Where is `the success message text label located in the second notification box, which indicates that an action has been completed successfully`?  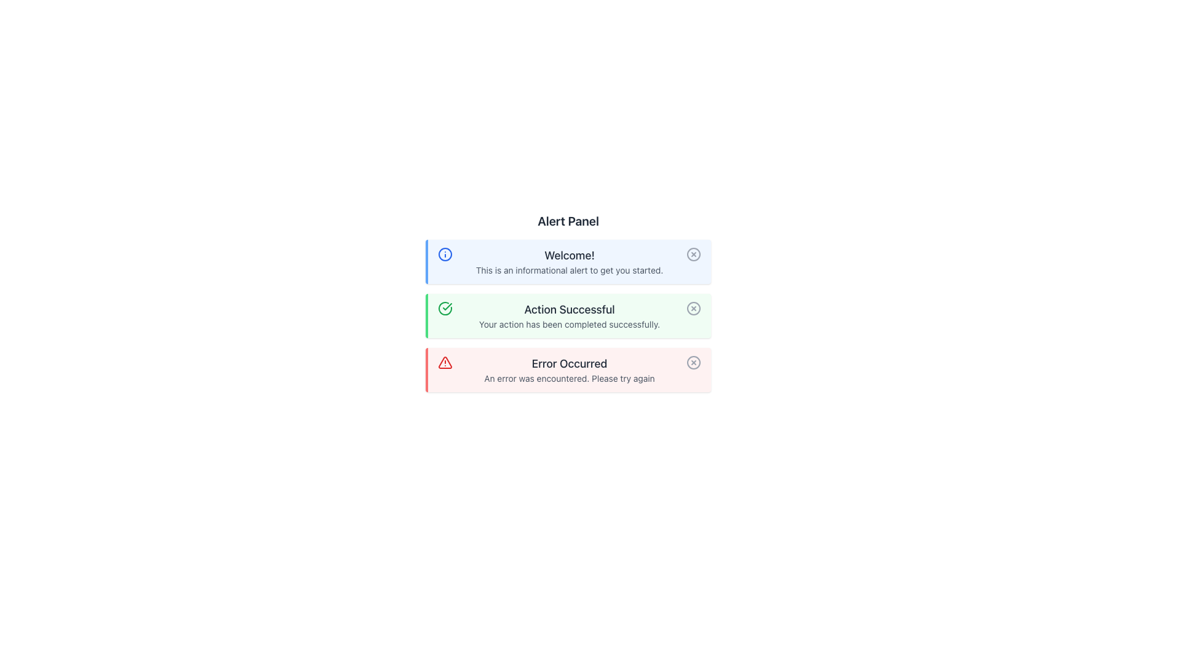 the success message text label located in the second notification box, which indicates that an action has been completed successfully is located at coordinates (569, 309).